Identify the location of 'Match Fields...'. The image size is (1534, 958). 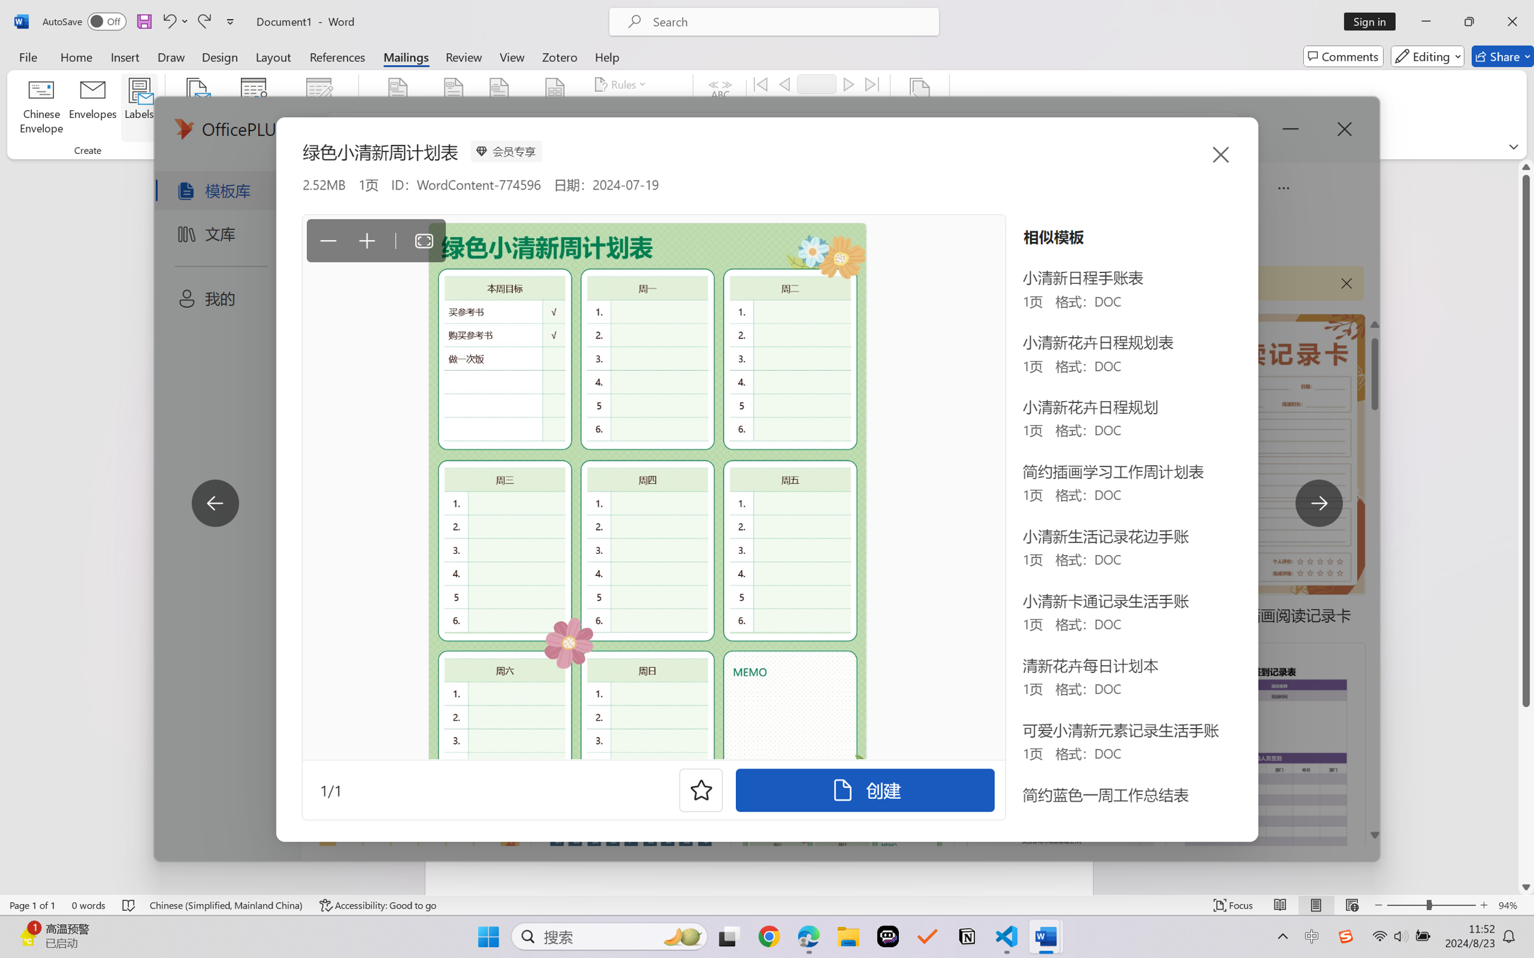
(633, 108).